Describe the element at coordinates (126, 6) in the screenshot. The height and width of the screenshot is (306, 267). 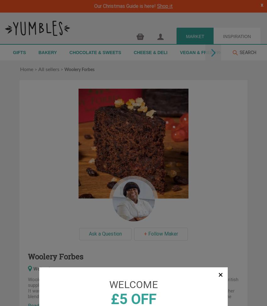
I see `'Our Christmas Guide is here!'` at that location.